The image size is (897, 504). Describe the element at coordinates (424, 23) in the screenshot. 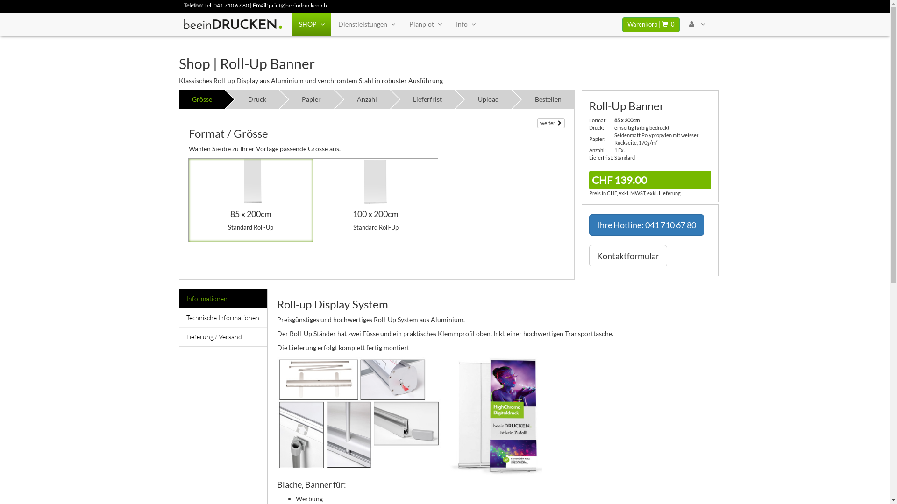

I see `'Planplot'` at that location.